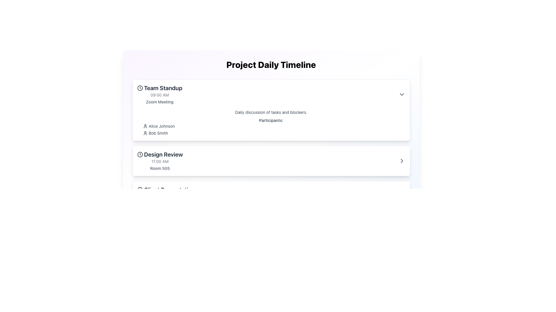 This screenshot has height=312, width=556. Describe the element at coordinates (145, 133) in the screenshot. I see `the SVG-based user icon located to the left of the text 'Bob Smith' in the 'Team Standup' section of the daily timeline` at that location.